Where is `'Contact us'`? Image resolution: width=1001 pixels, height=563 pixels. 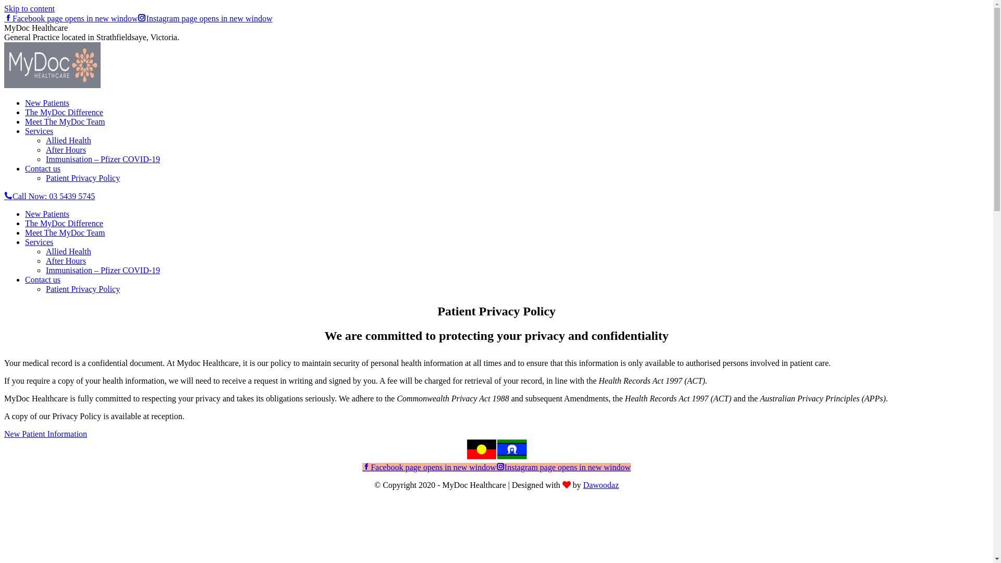
'Contact us' is located at coordinates (42, 168).